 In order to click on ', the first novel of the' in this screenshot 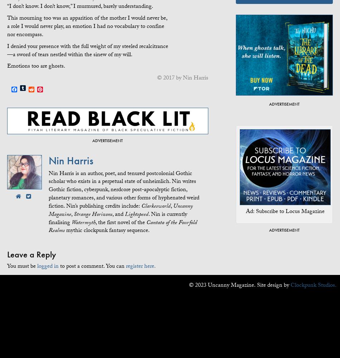, I will do `click(95, 222)`.